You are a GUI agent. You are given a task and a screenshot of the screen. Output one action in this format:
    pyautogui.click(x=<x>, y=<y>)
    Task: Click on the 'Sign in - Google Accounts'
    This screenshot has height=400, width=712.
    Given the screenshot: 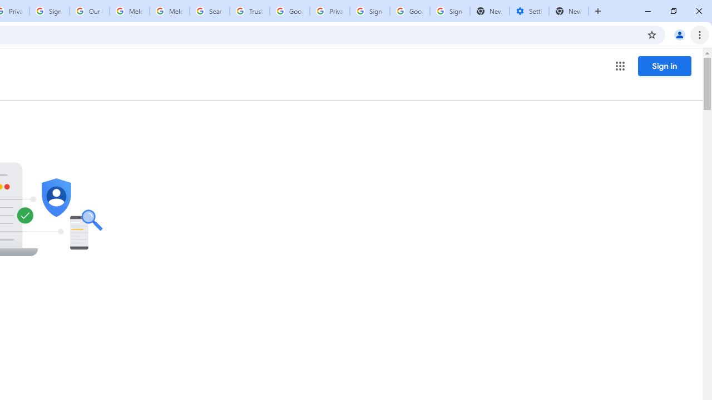 What is the action you would take?
    pyautogui.click(x=48, y=11)
    